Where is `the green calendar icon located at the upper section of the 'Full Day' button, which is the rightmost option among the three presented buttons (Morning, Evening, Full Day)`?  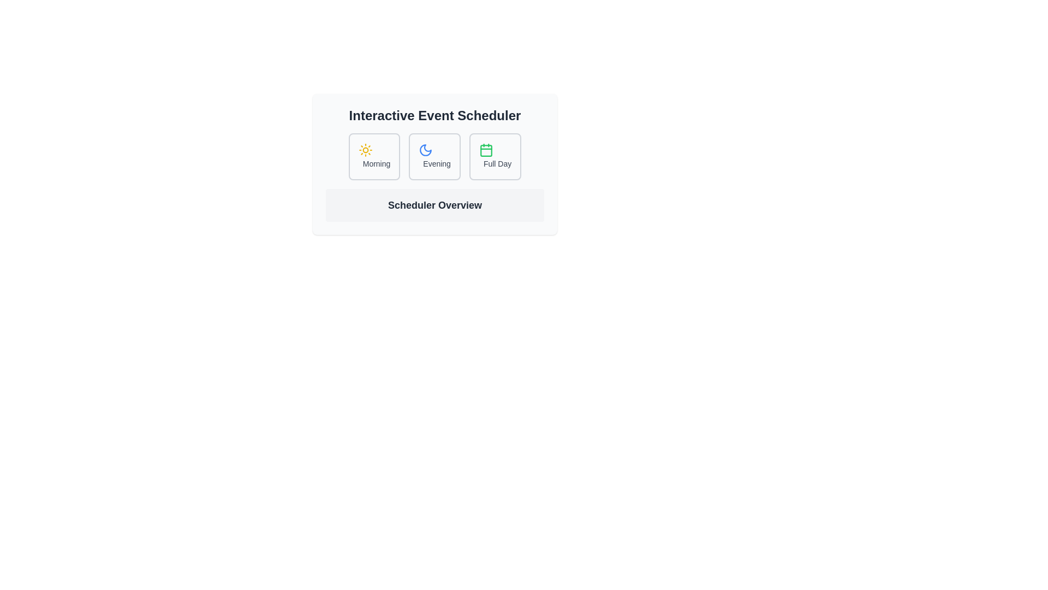
the green calendar icon located at the upper section of the 'Full Day' button, which is the rightmost option among the three presented buttons (Morning, Evening, Full Day) is located at coordinates (485, 150).